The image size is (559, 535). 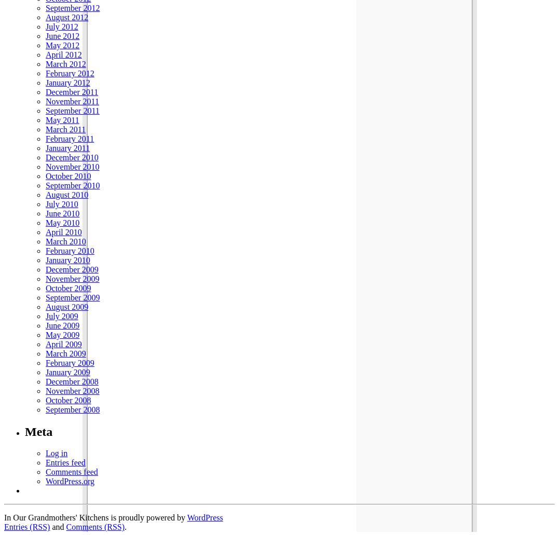 What do you see at coordinates (65, 129) in the screenshot?
I see `'March 2011'` at bounding box center [65, 129].